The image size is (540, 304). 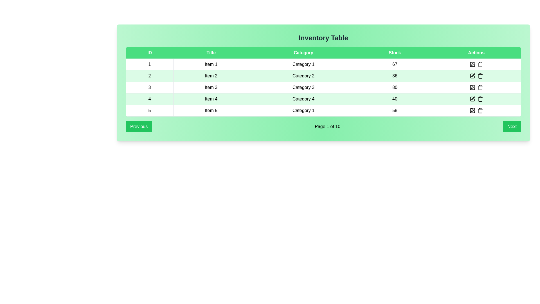 I want to click on the trash/delete icon located in the 'Actions' column of the second row of the 'Inventory Table', so click(x=480, y=76).